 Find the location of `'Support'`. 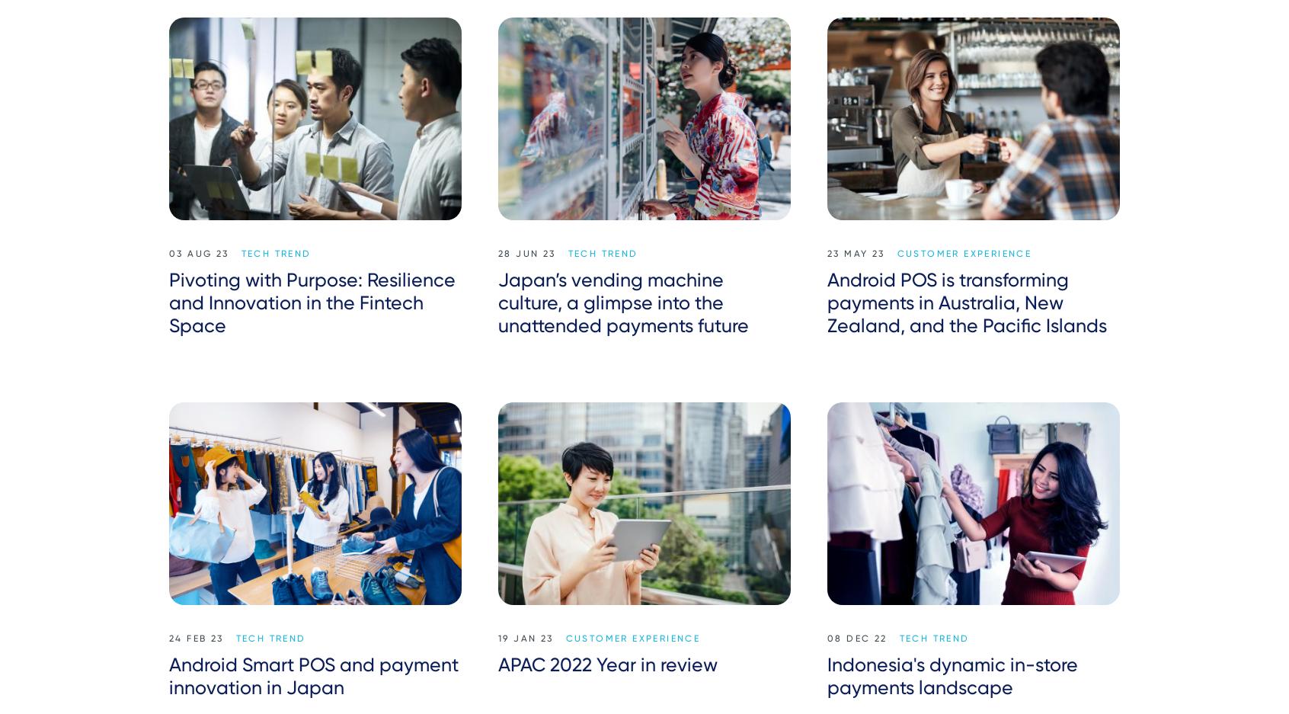

'Support' is located at coordinates (885, 700).